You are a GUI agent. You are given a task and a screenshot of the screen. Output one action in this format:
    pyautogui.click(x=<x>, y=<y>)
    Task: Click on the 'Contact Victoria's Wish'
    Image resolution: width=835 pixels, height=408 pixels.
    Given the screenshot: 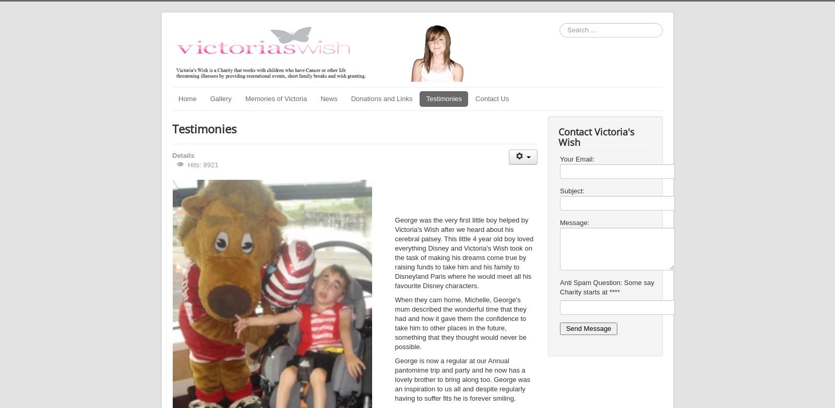 What is the action you would take?
    pyautogui.click(x=597, y=137)
    